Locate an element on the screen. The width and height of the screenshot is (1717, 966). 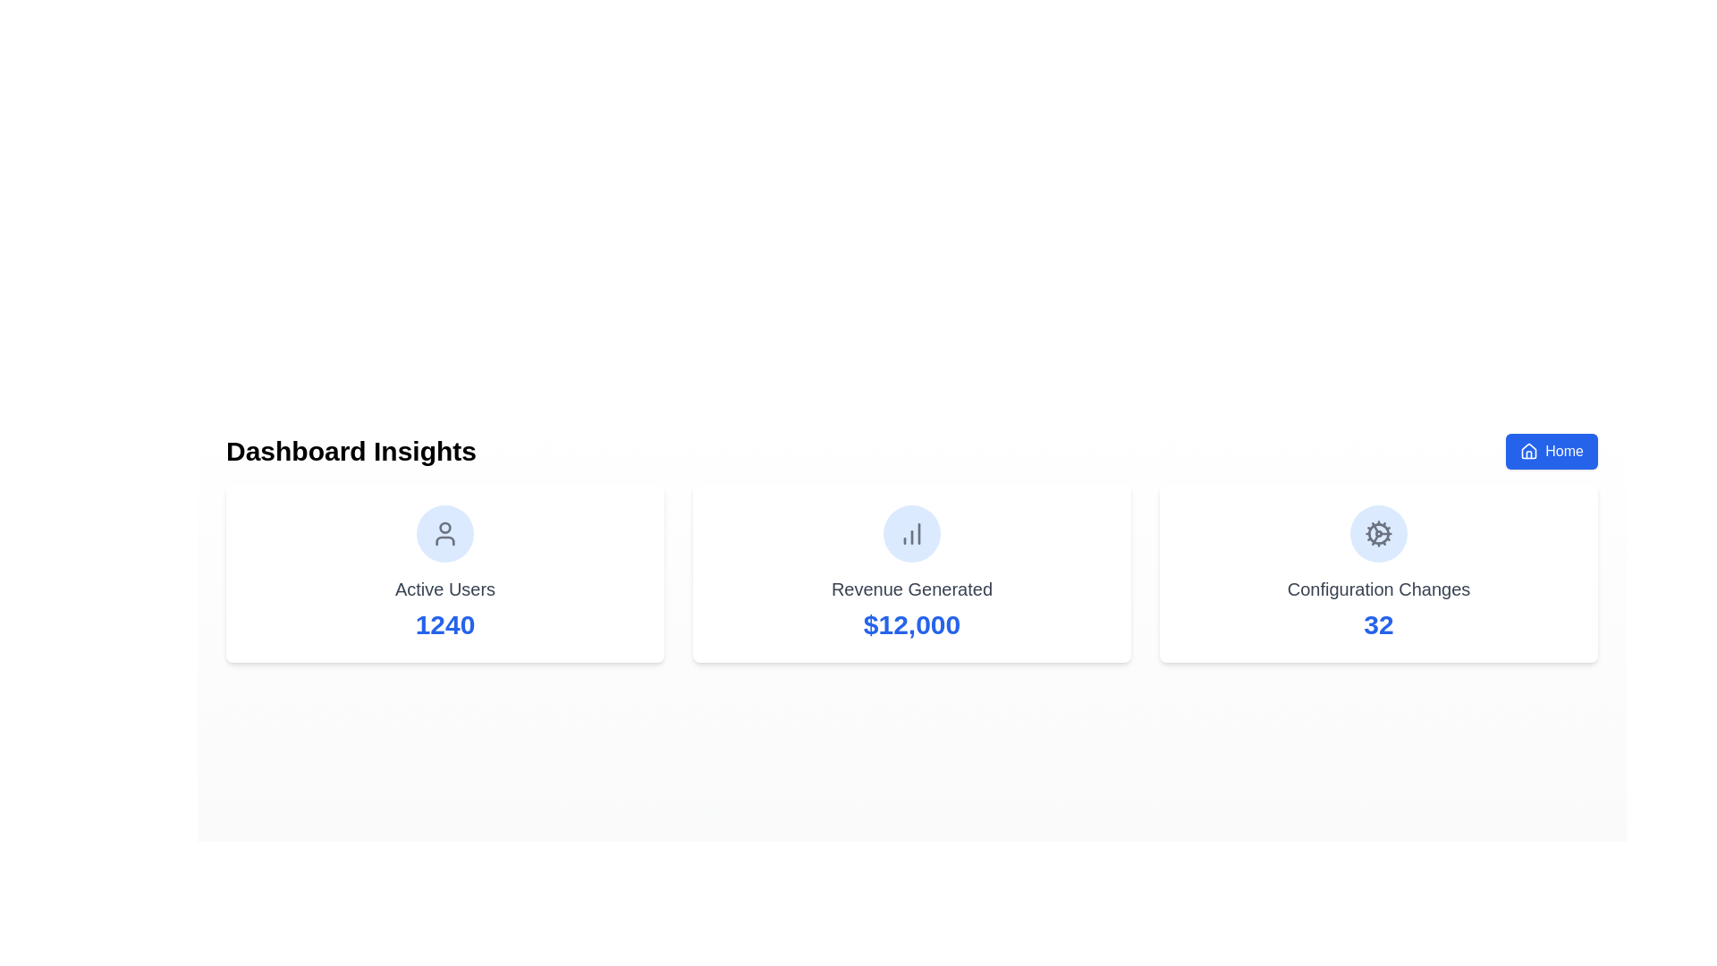
the large, bold number '32' displayed in blue, located in the third card under the label 'Configuration Changes' is located at coordinates (1377, 623).